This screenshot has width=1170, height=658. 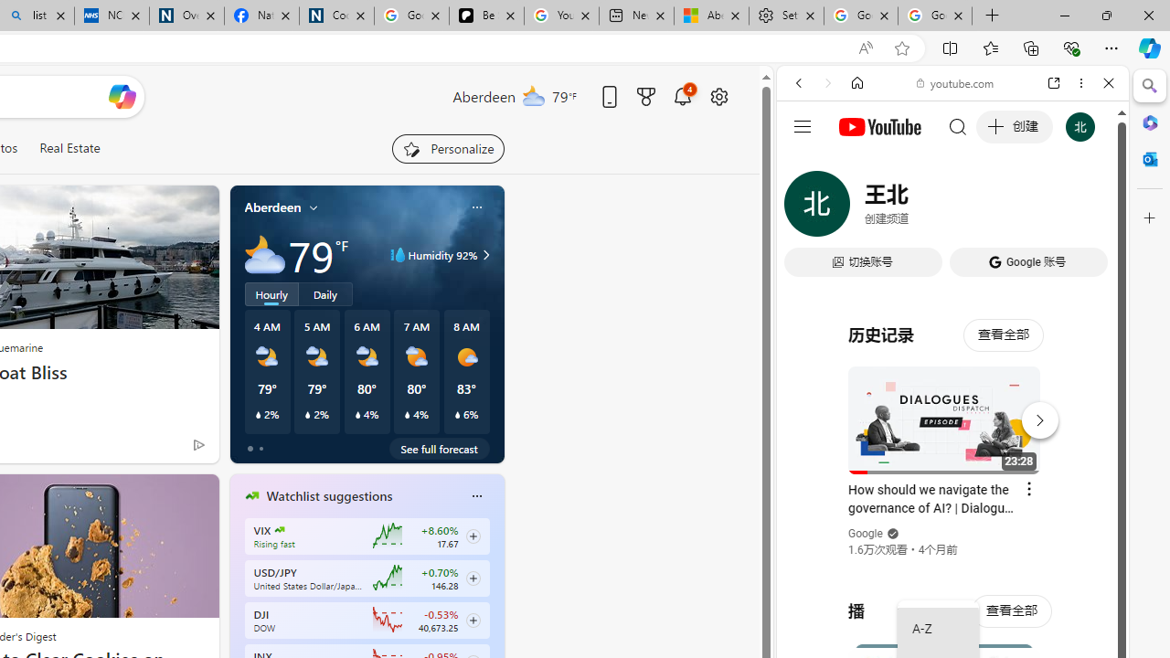 I want to click on 'Humidity 92%', so click(x=484, y=255).